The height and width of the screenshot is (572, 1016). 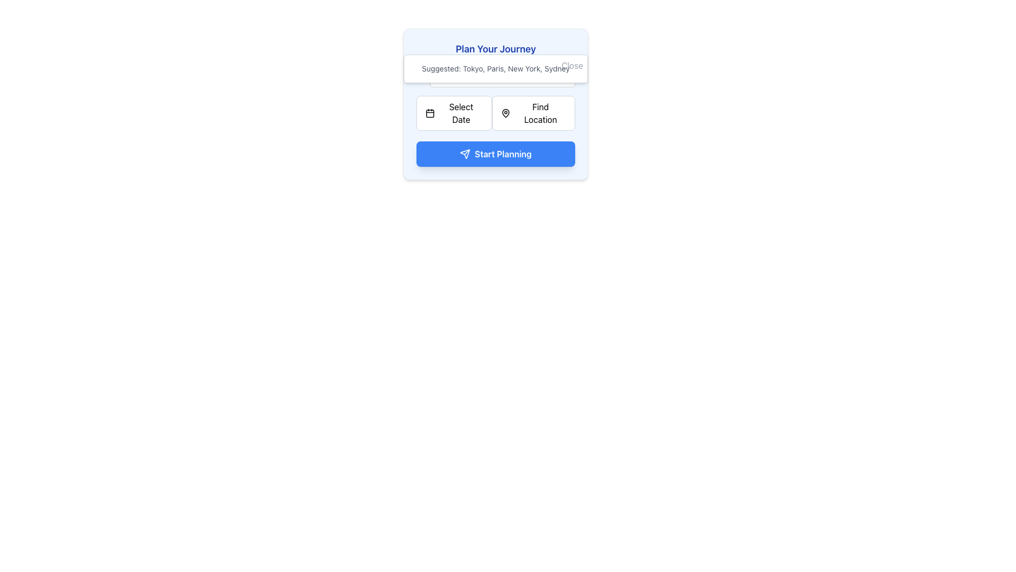 I want to click on the title text element located at the top section of the card-like structure with rounded corners and light blue background, which introduces the purpose of the surrounding interface, so click(x=495, y=49).